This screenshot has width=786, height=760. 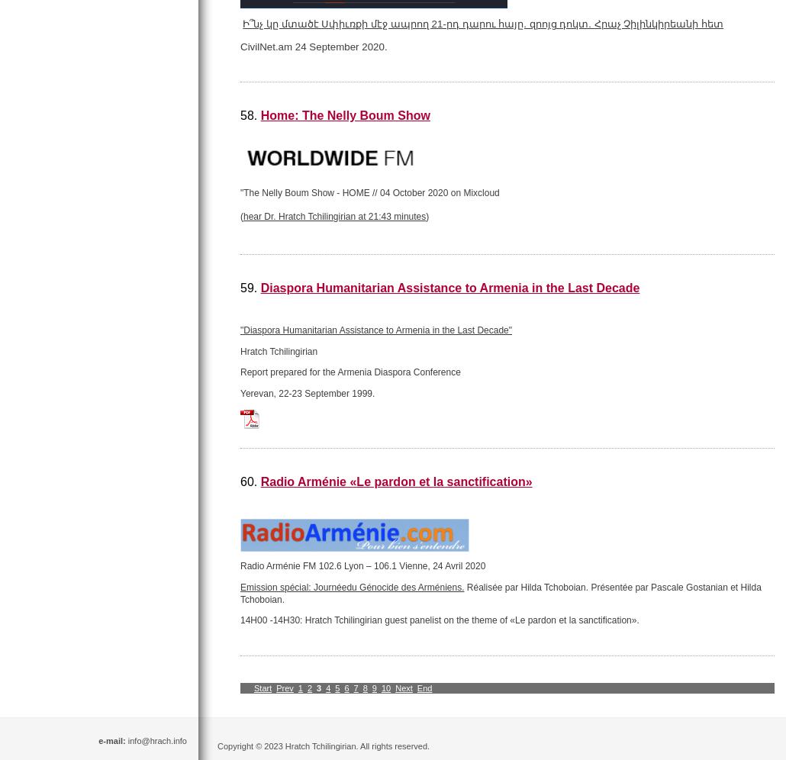 What do you see at coordinates (309, 686) in the screenshot?
I see `'2'` at bounding box center [309, 686].